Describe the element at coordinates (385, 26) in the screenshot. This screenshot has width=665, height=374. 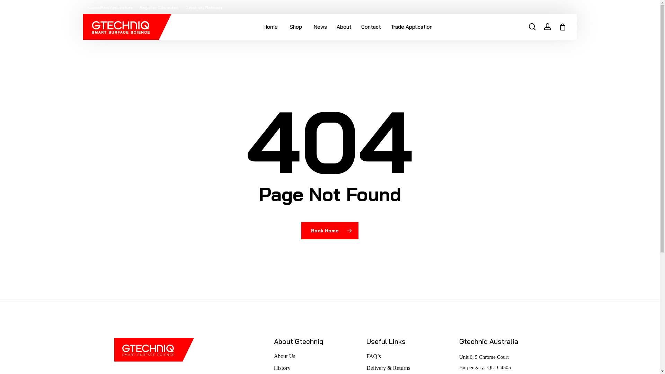
I see `'Trade Application'` at that location.